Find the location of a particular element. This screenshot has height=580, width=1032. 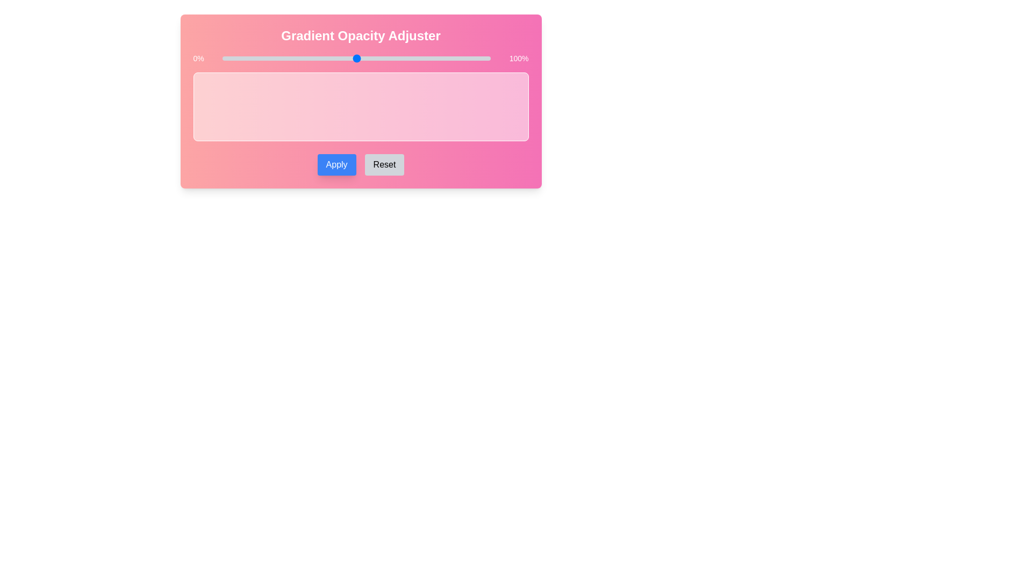

the opacity to 65% using the slider is located at coordinates (396, 58).